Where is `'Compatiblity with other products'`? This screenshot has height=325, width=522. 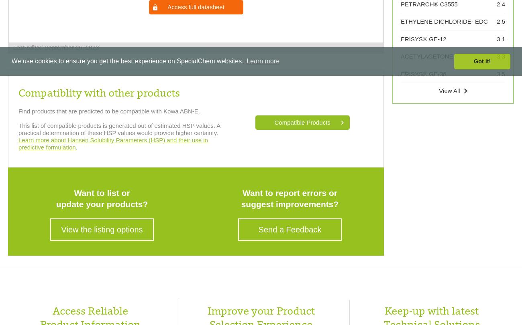 'Compatiblity with other products' is located at coordinates (99, 93).